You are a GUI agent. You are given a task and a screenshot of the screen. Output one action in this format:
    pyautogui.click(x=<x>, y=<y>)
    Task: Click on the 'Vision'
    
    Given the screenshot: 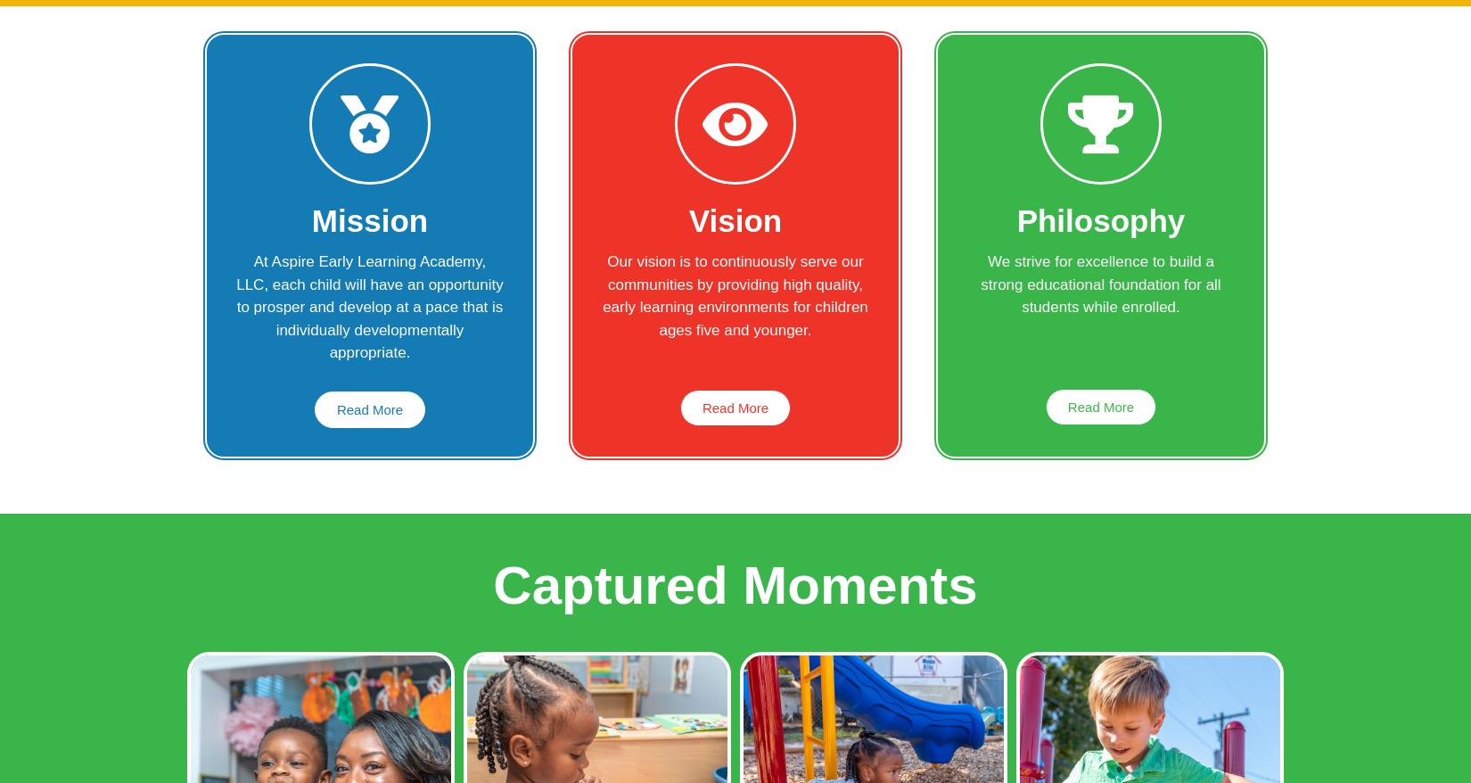 What is the action you would take?
    pyautogui.click(x=687, y=220)
    